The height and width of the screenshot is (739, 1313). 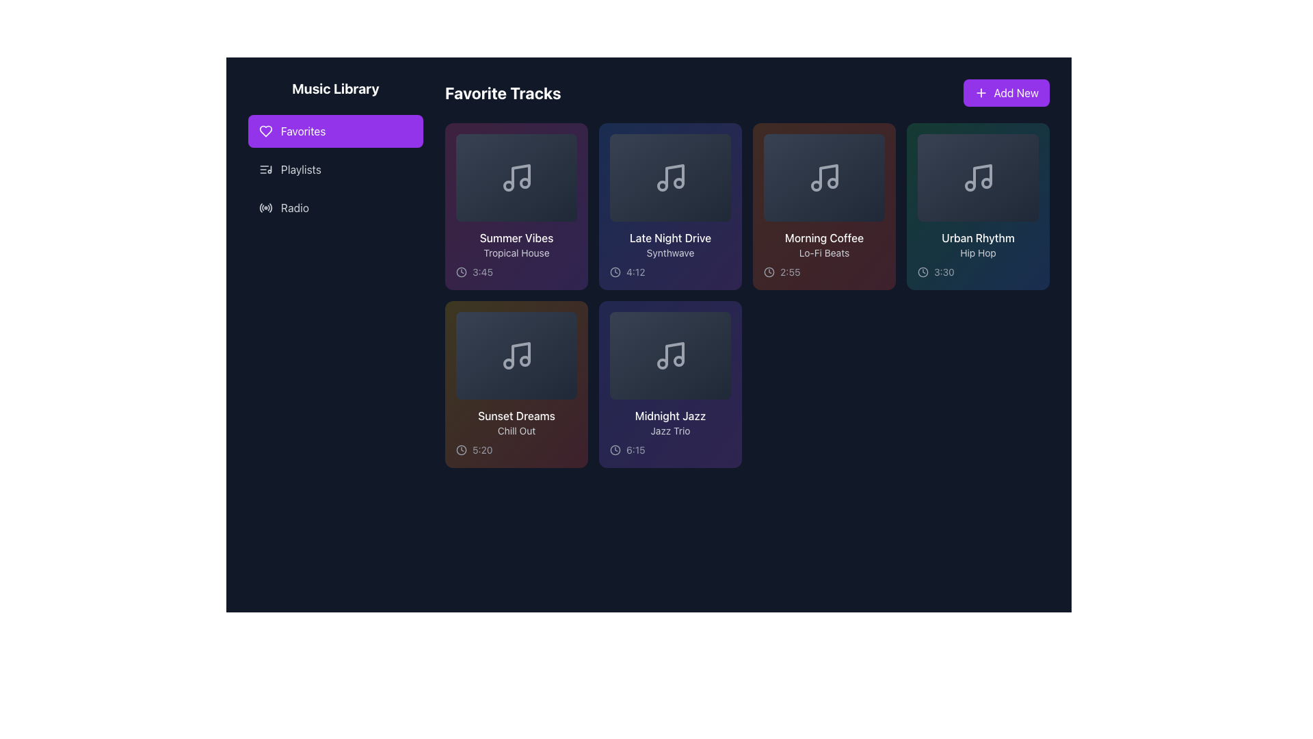 I want to click on the second card item in the top row of the 'Favorite Tracks' section, which represents a music track and is positioned between 'Summer Vibes' and 'Morning Coffee', so click(x=670, y=206).